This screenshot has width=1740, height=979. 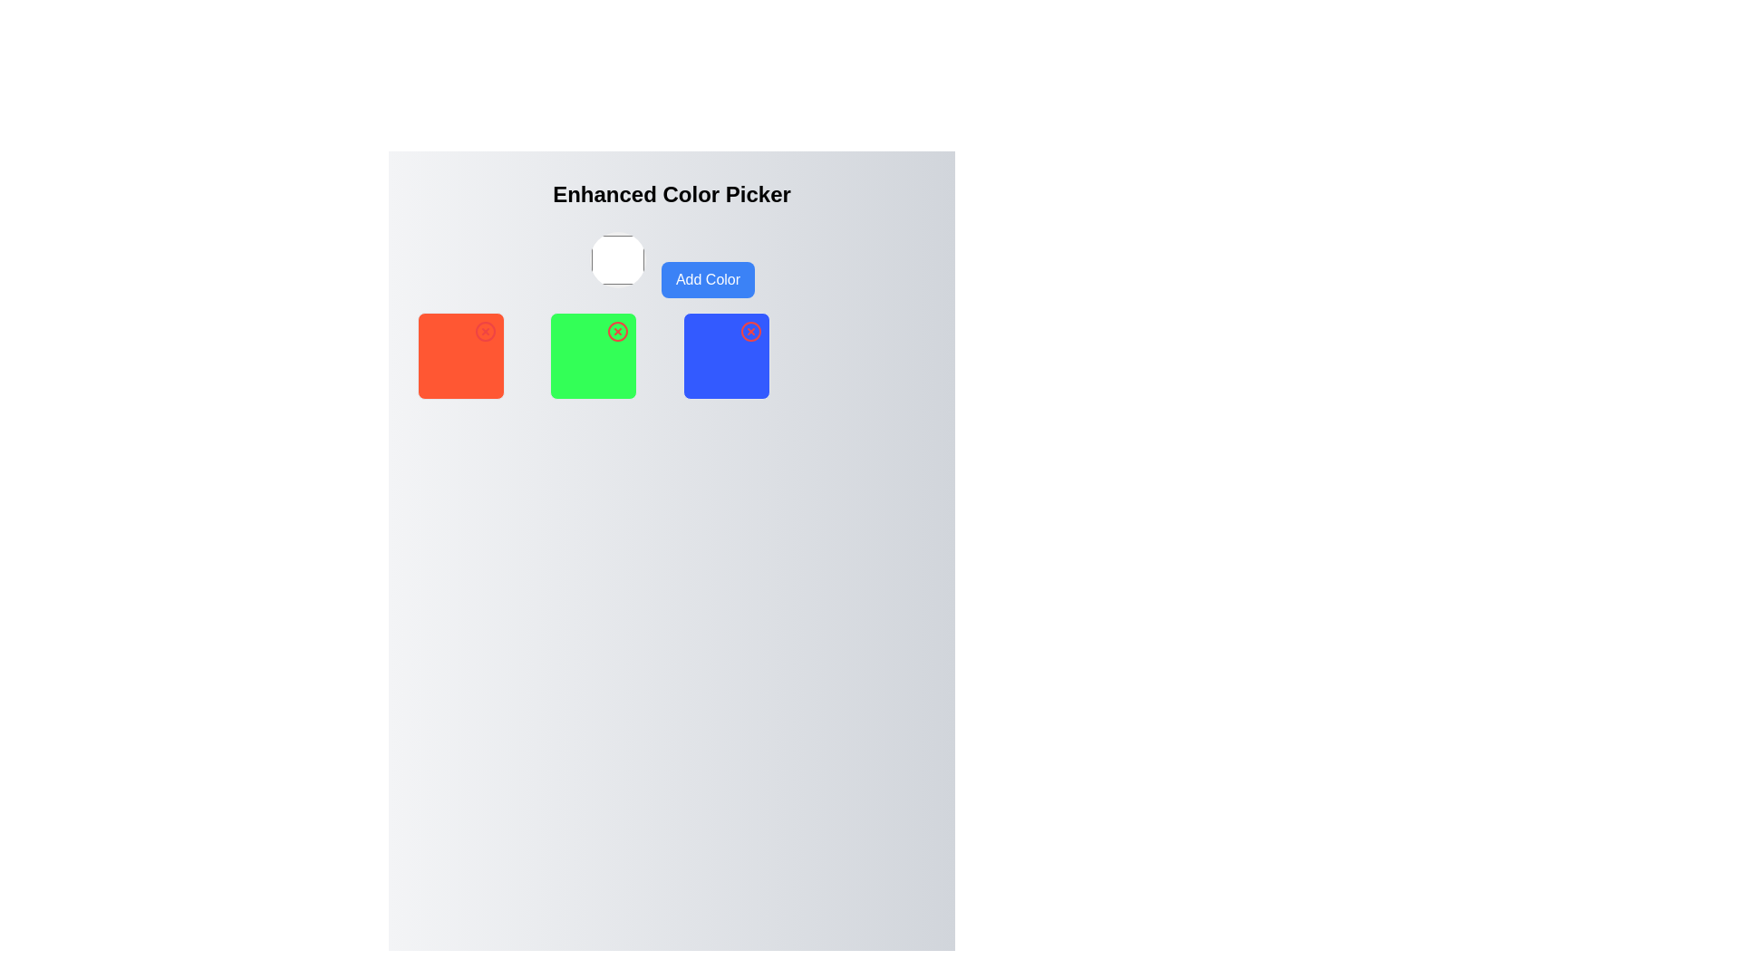 What do you see at coordinates (707, 279) in the screenshot?
I see `the rounded rectangular button with a blue background and white text that reads 'Add Color' to trigger its hover effects` at bounding box center [707, 279].